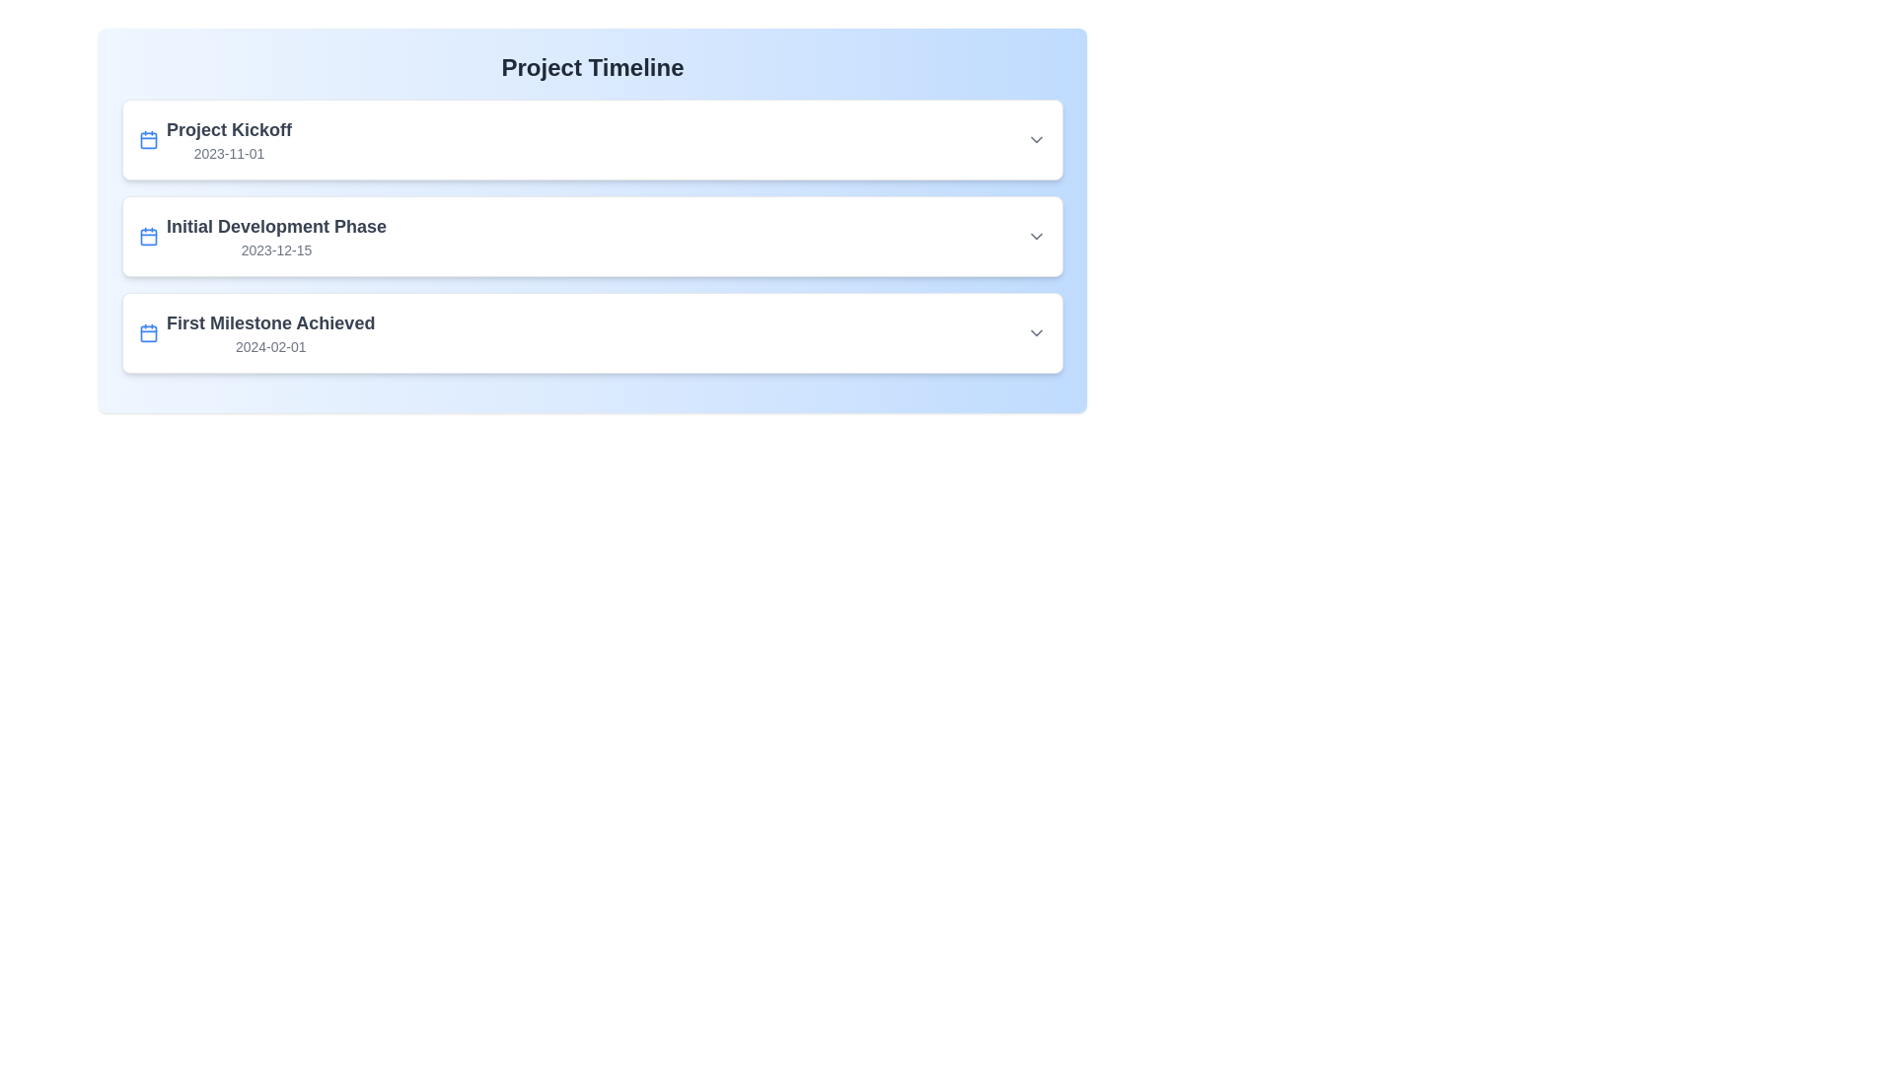  What do you see at coordinates (147, 235) in the screenshot?
I see `calendar icon with a blue outline located next to the text 'Initial Development Phase' and above the date '2023-12-15' in the 'Project Timeline' section` at bounding box center [147, 235].